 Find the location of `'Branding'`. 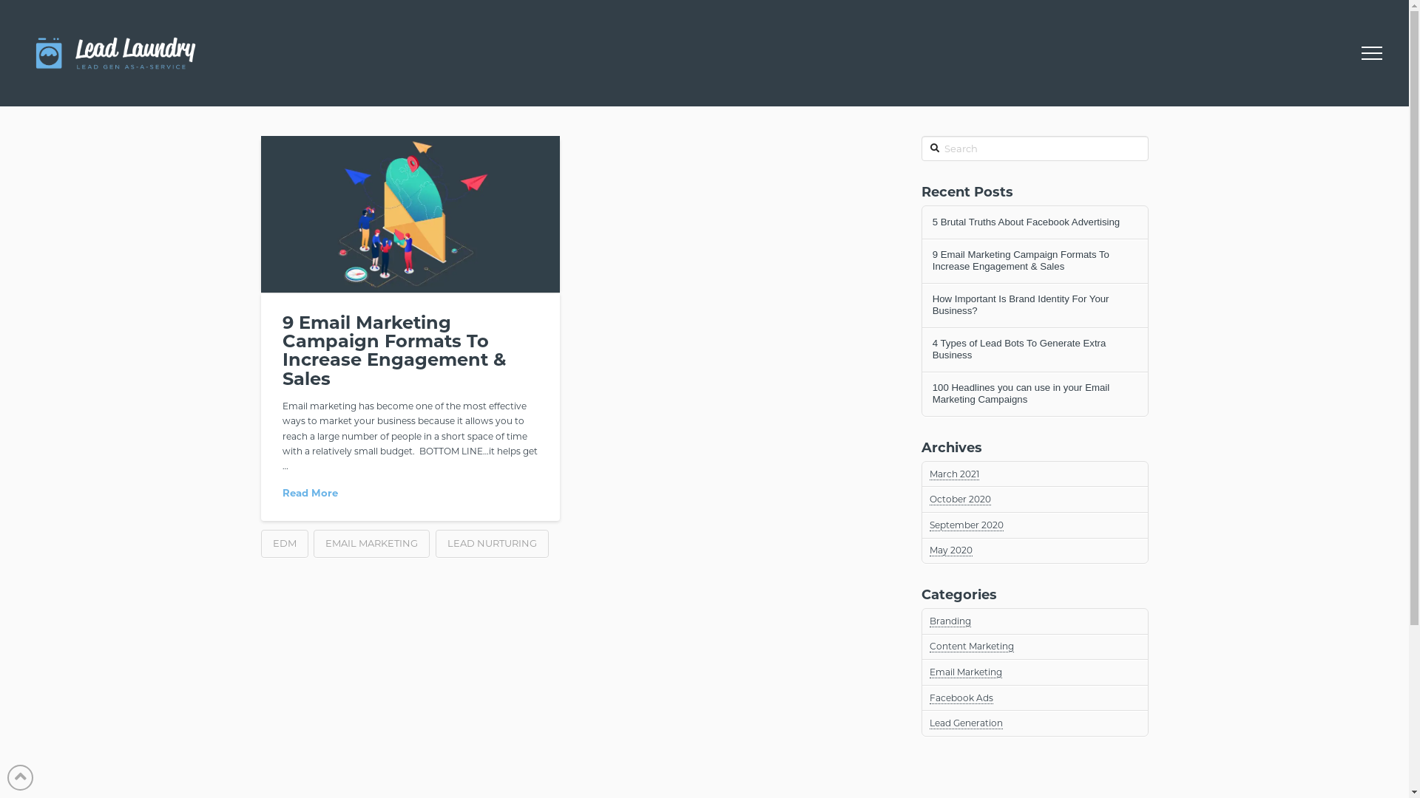

'Branding' is located at coordinates (950, 621).